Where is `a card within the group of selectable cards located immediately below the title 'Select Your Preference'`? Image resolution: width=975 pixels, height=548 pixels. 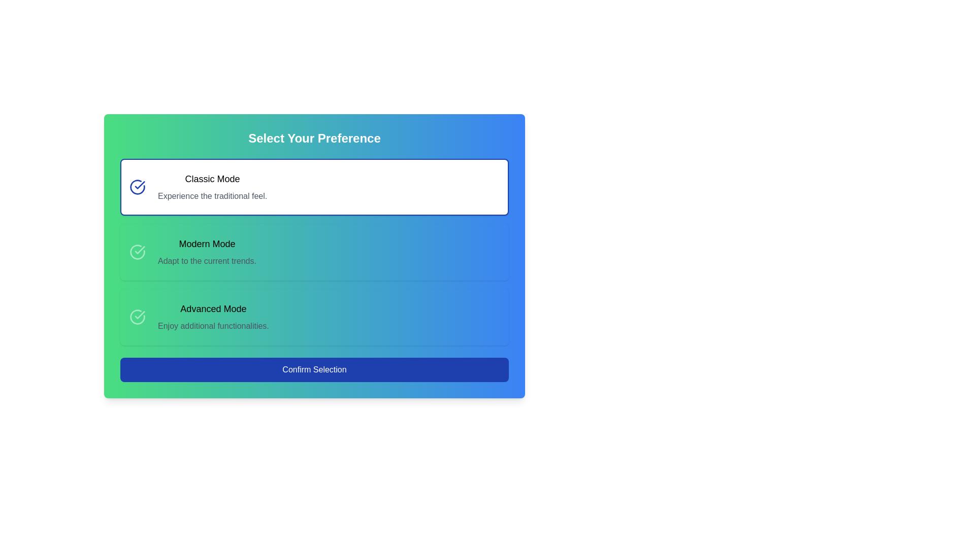
a card within the group of selectable cards located immediately below the title 'Select Your Preference' is located at coordinates (314, 252).